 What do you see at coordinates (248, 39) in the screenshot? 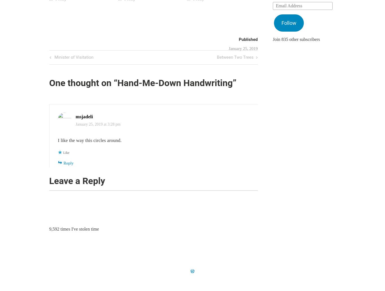
I see `'Published'` at bounding box center [248, 39].